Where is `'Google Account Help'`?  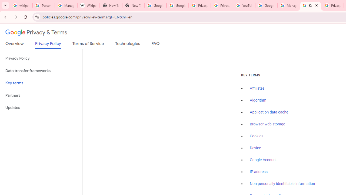 'Google Account Help' is located at coordinates (266, 5).